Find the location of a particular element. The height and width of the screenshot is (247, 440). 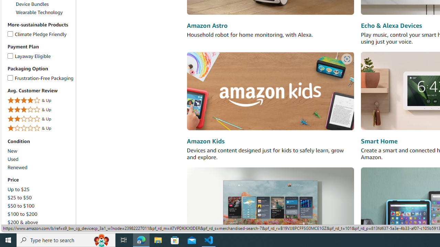

'Frustration-Free Packaging' is located at coordinates (10, 77).